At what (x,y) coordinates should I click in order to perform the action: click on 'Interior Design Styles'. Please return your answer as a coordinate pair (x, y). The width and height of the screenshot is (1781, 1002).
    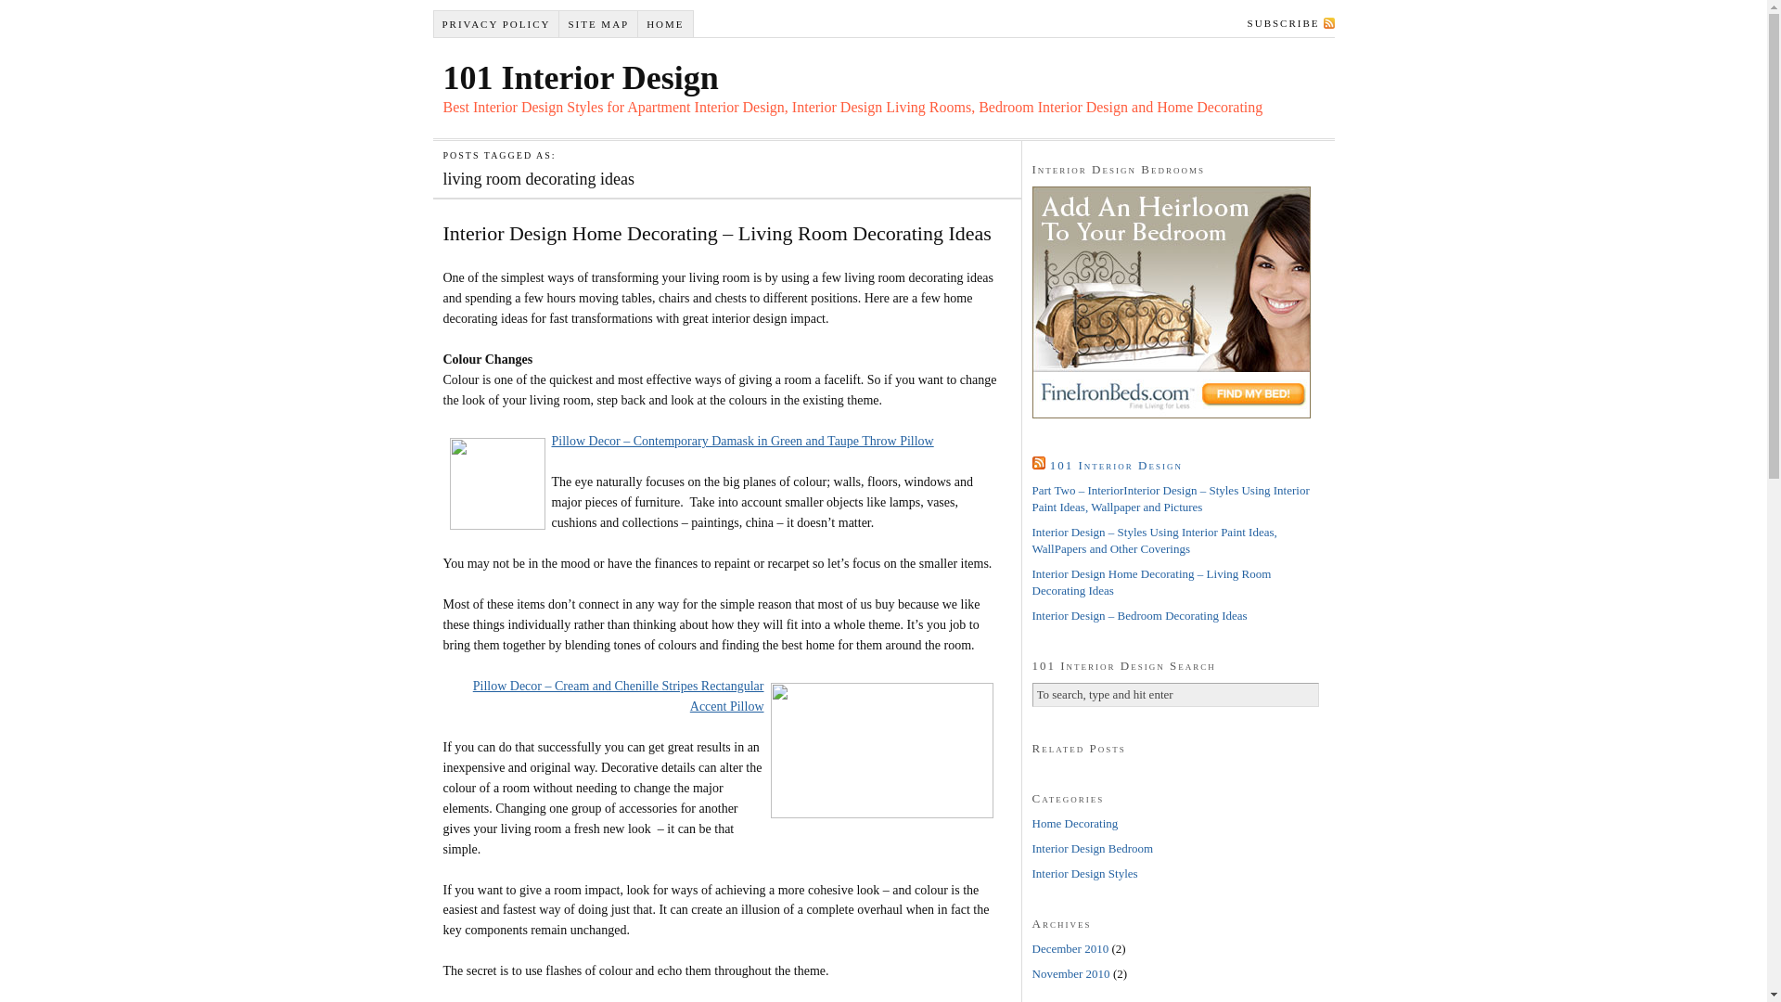
    Looking at the image, I should click on (1084, 873).